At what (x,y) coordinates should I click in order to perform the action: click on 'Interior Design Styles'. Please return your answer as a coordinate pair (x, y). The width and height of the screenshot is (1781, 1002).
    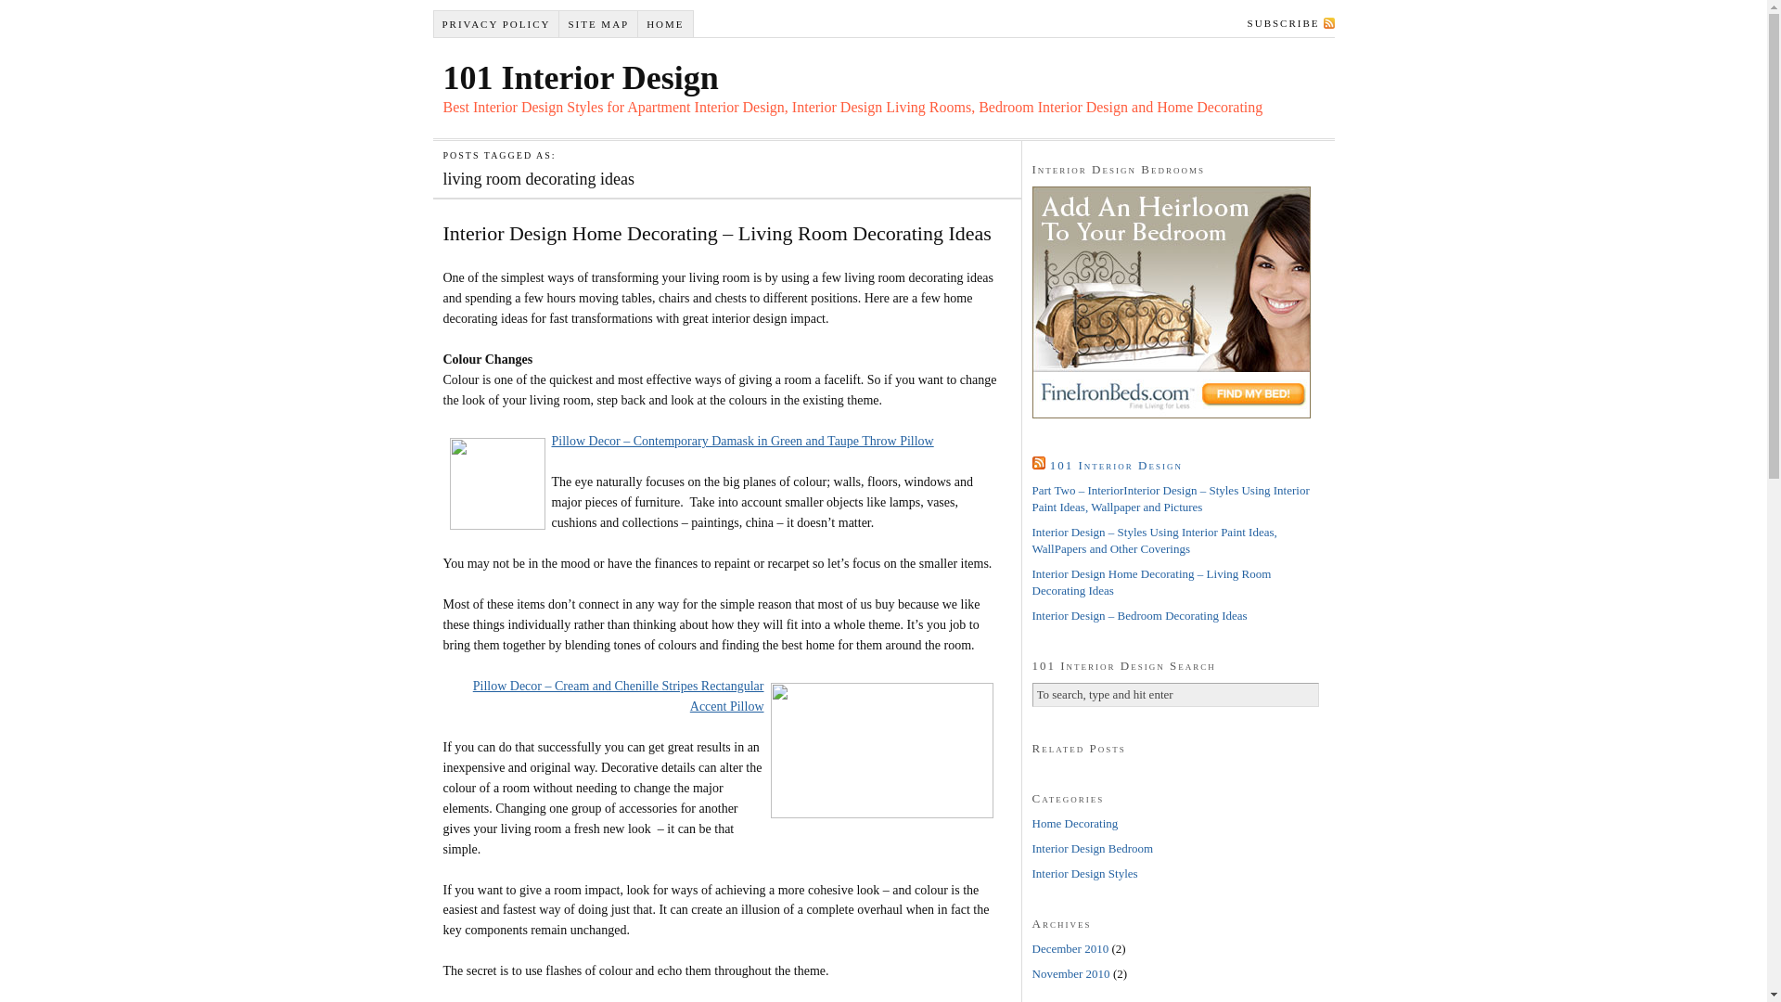
    Looking at the image, I should click on (1084, 873).